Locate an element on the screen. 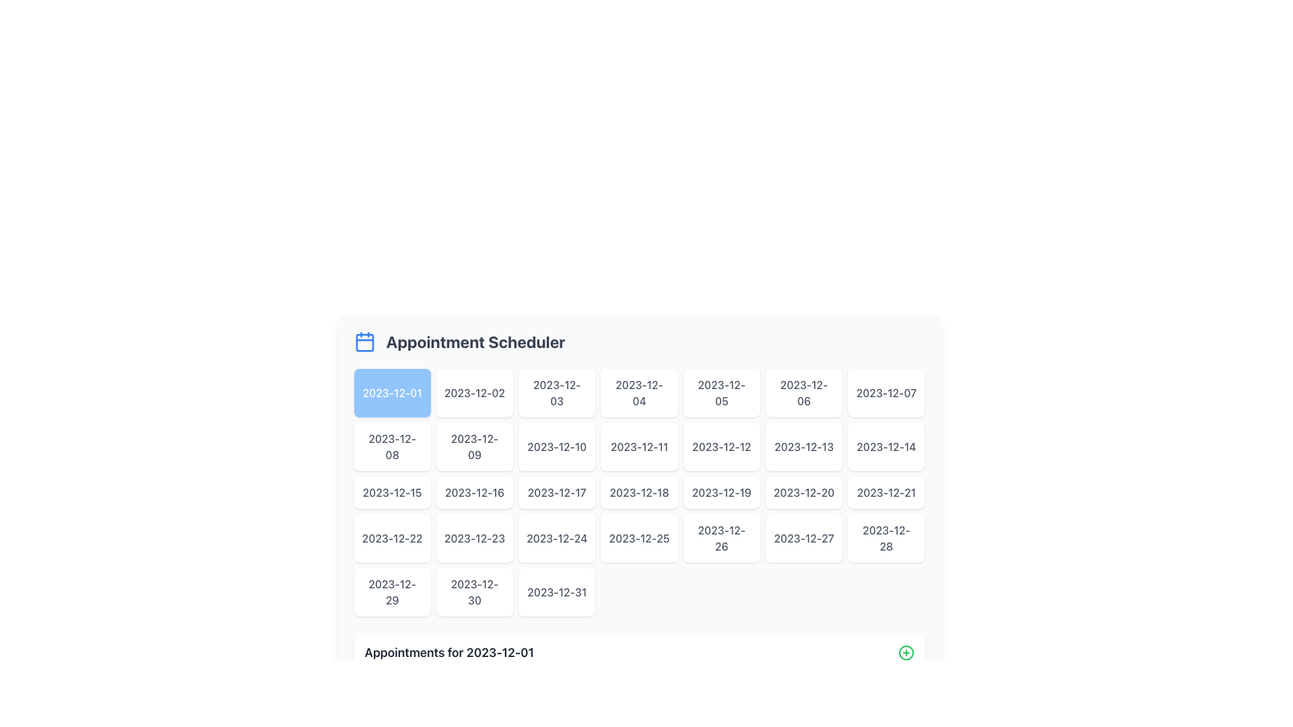 This screenshot has width=1293, height=727. the central larger rectangle of the trash can icon, which indicates the action of deletion or removal within the interface is located at coordinates (899, 690).